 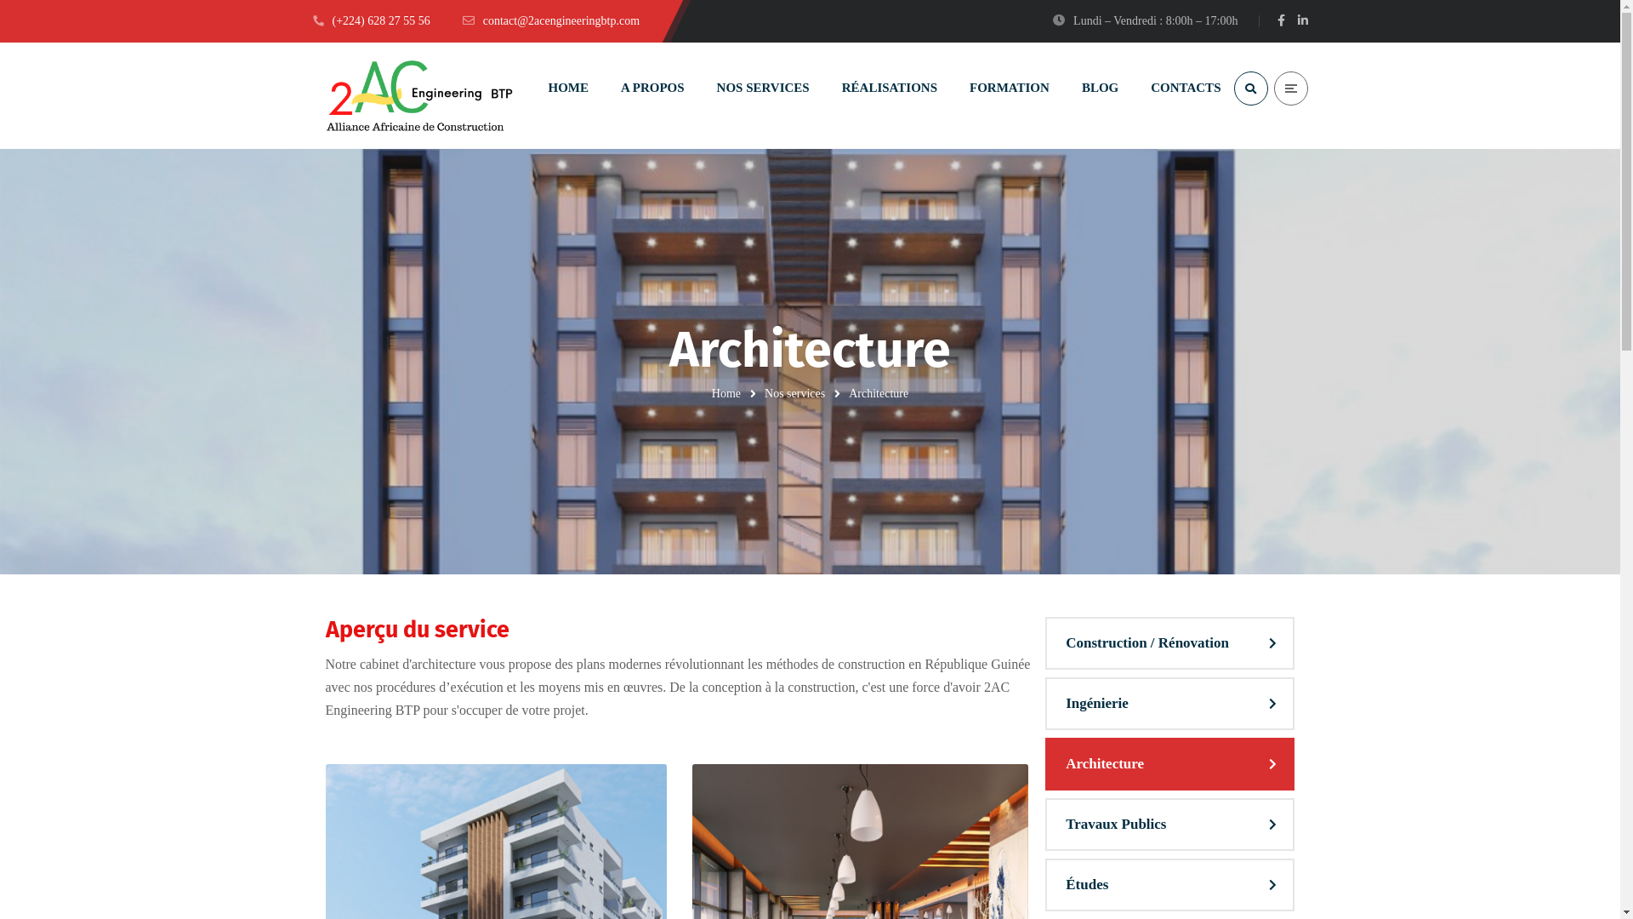 What do you see at coordinates (568, 88) in the screenshot?
I see `'HOME'` at bounding box center [568, 88].